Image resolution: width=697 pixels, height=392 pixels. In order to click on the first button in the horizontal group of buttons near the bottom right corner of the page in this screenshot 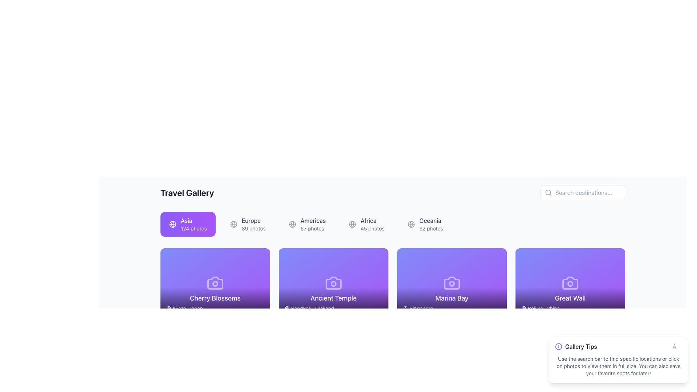, I will do `click(464, 339)`.